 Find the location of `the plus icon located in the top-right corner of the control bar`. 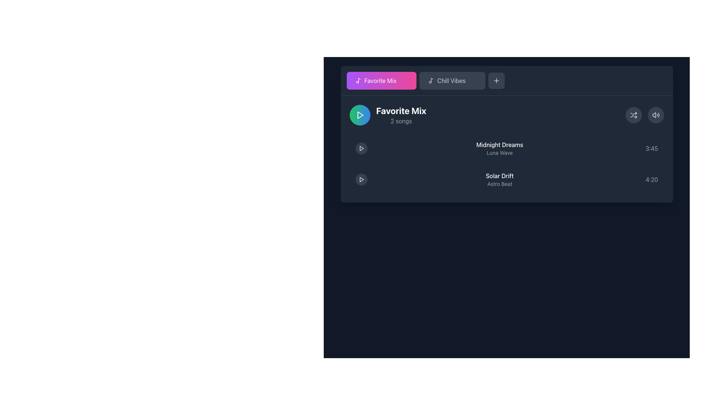

the plus icon located in the top-right corner of the control bar is located at coordinates (497, 81).